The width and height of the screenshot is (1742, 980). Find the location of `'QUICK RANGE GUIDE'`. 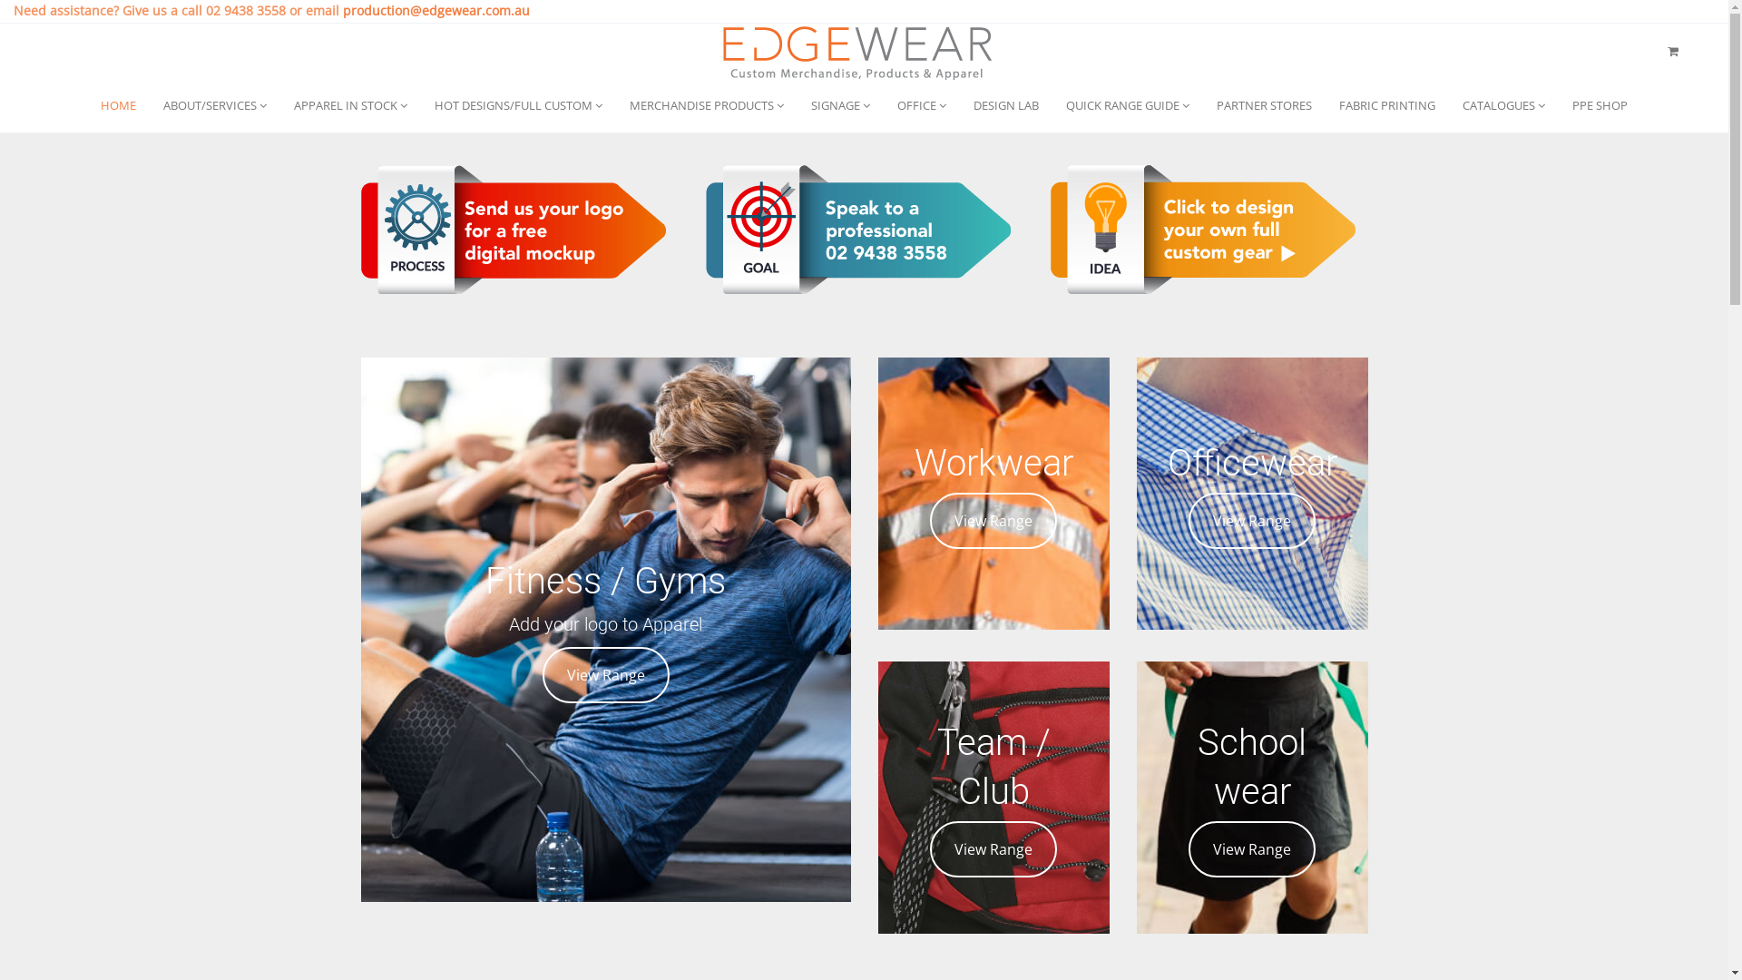

'QUICK RANGE GUIDE' is located at coordinates (1127, 104).